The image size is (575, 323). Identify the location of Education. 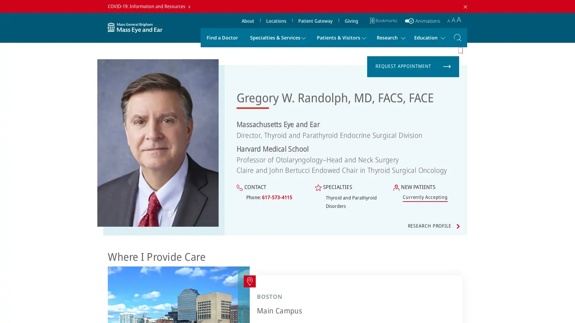
(428, 37).